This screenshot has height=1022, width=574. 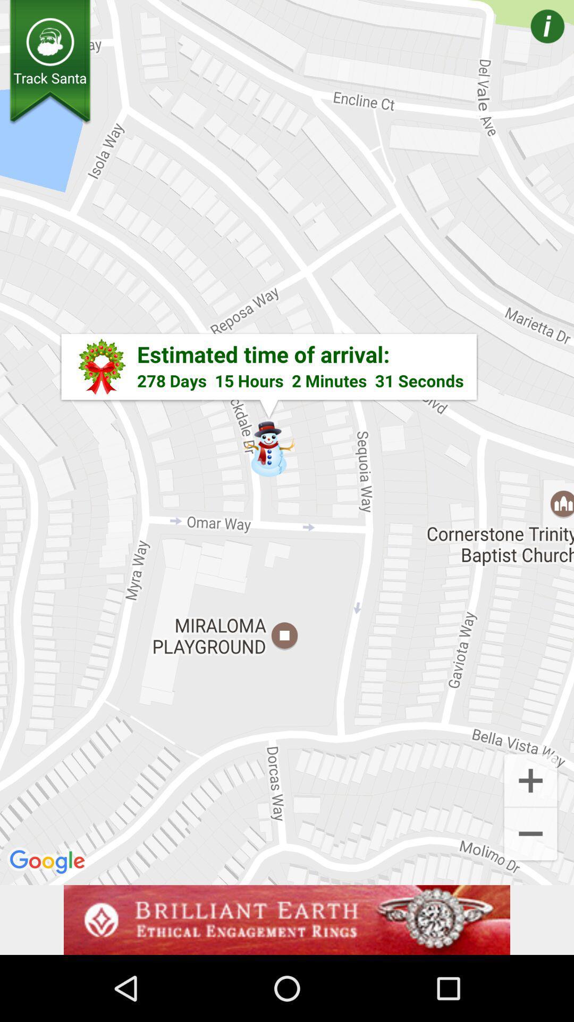 I want to click on advertisement, so click(x=287, y=919).